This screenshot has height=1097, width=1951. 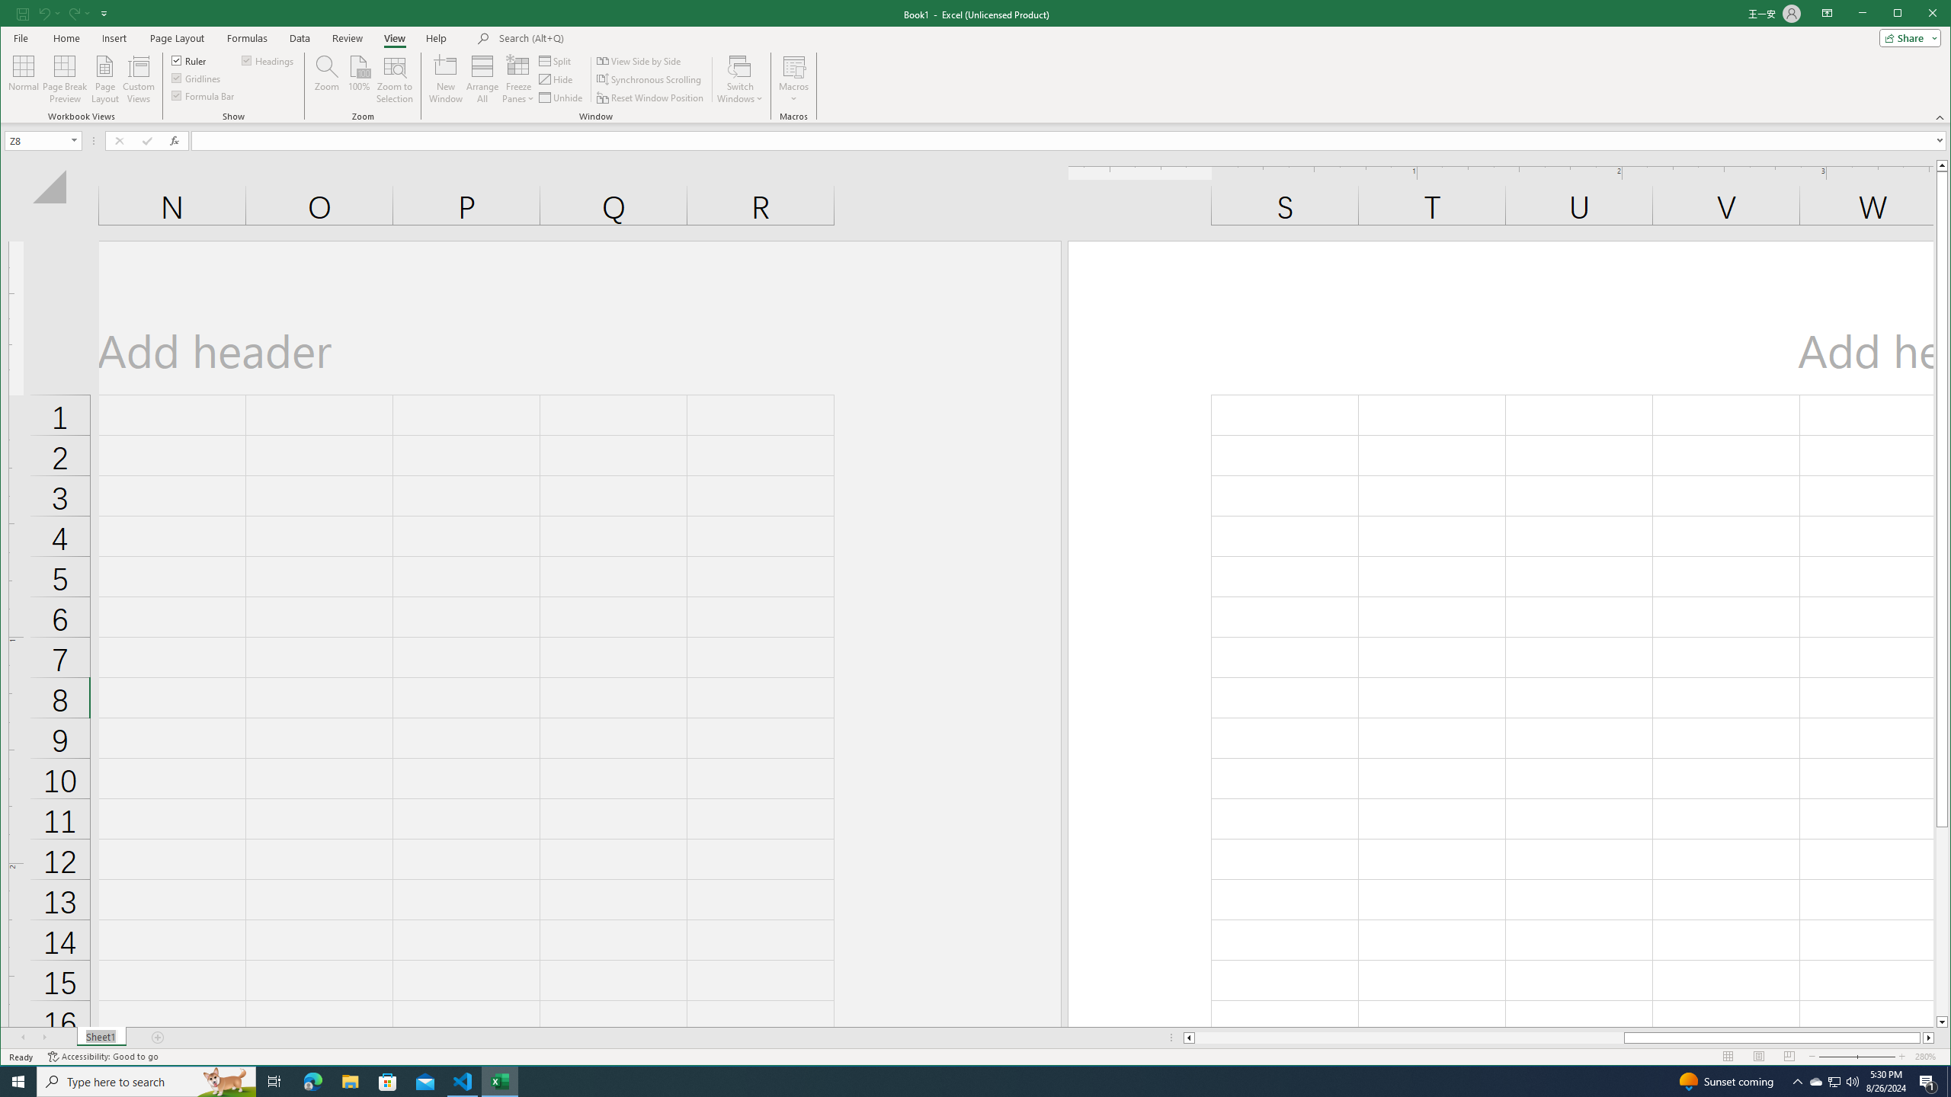 I want to click on 'View Side by Side', so click(x=639, y=61).